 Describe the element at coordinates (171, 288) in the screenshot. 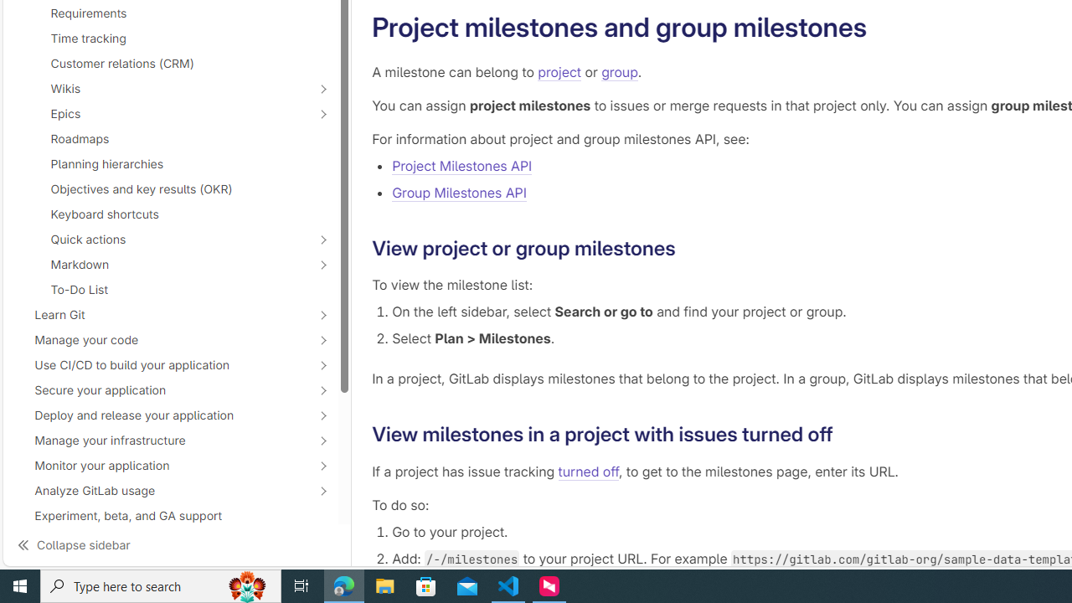

I see `'To-Do List'` at that location.